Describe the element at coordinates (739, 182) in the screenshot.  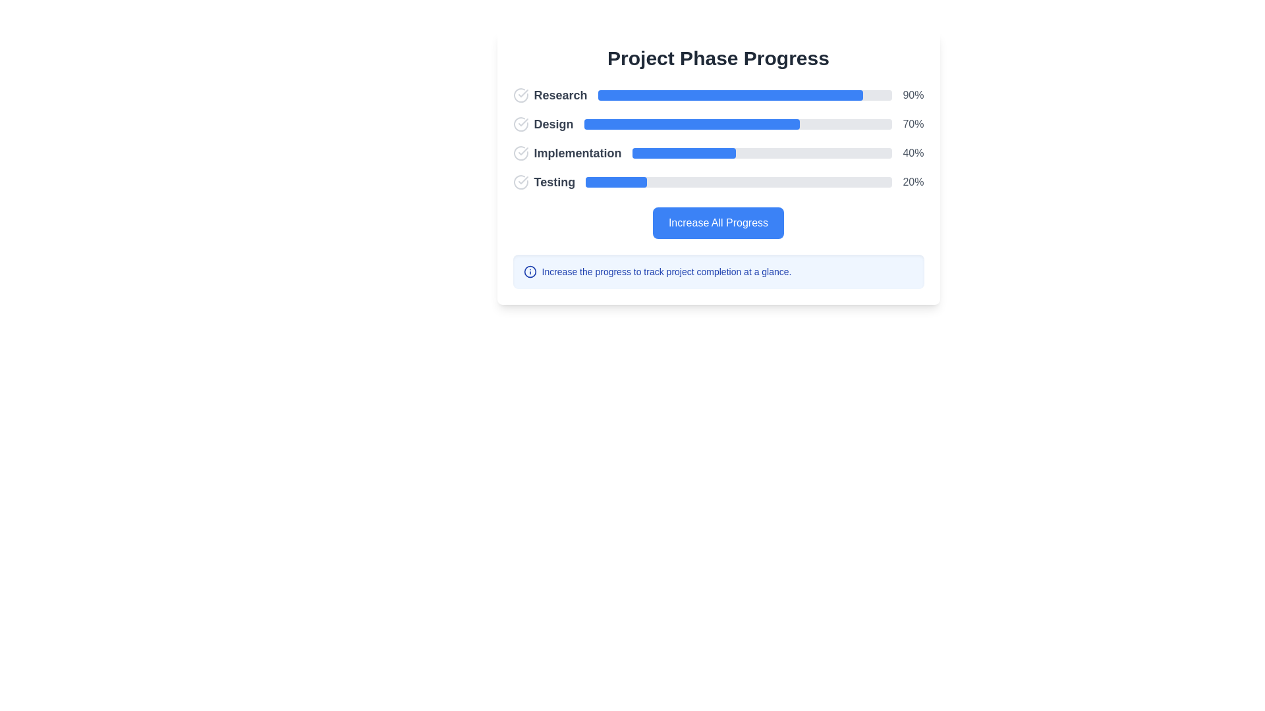
I see `the central horizontal progress bar indicating 20% completion of the 'Testing' phase` at that location.